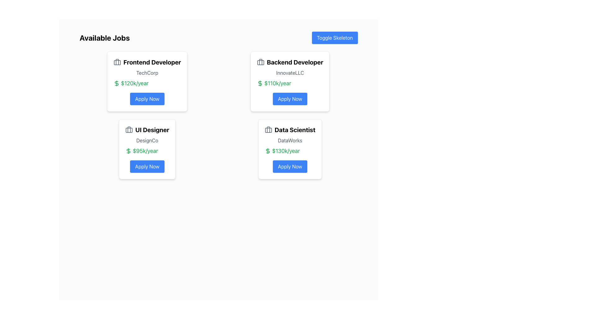  I want to click on the 'Toggle Skeleton' button, which is a rectangular button with rounded edges, bold blue background, and white text, located in the top-right corner of the 'Available Jobs' section, so click(334, 38).